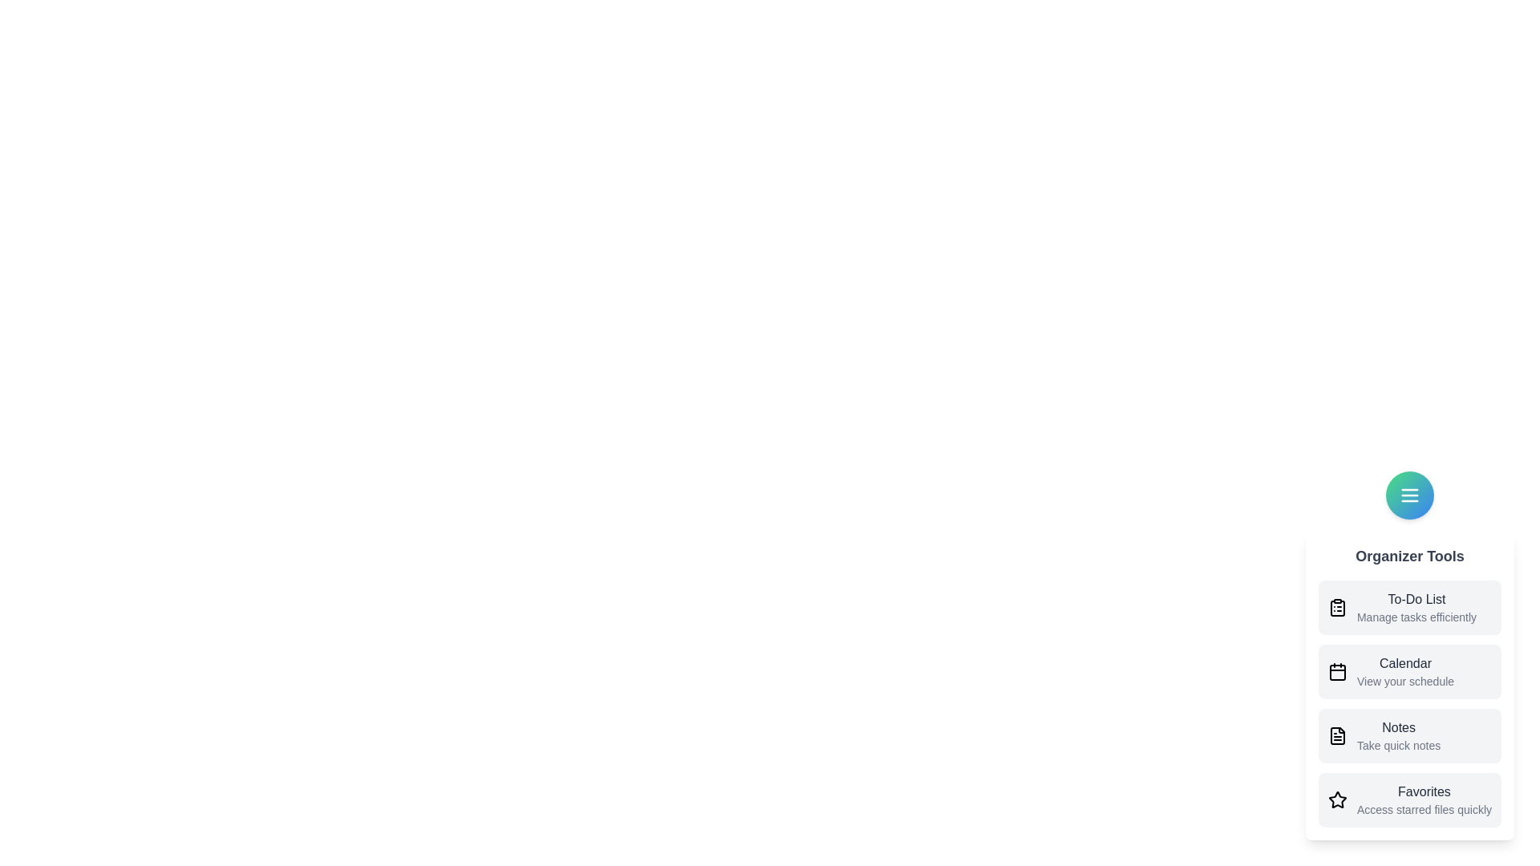  I want to click on the organizer tool item To-Do List, so click(1408, 608).